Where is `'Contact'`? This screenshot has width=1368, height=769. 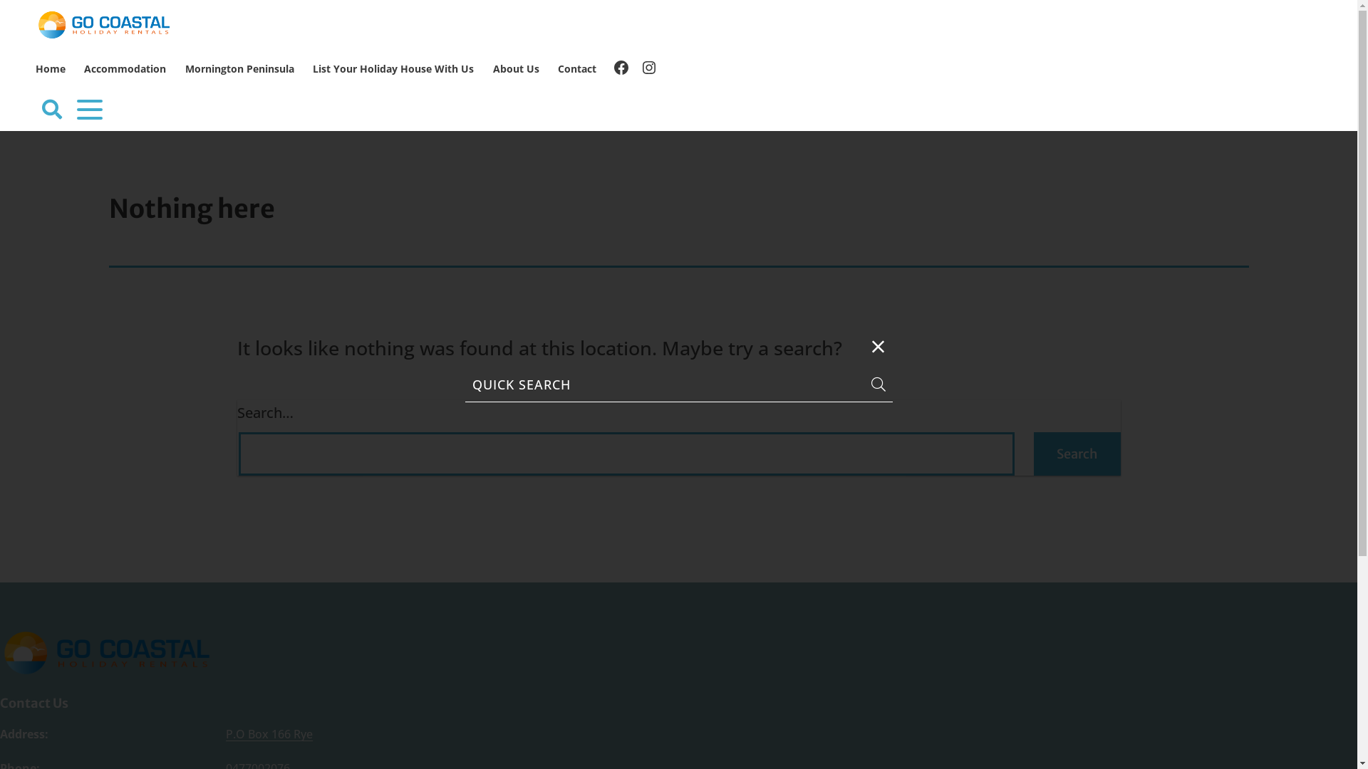 'Contact' is located at coordinates (577, 69).